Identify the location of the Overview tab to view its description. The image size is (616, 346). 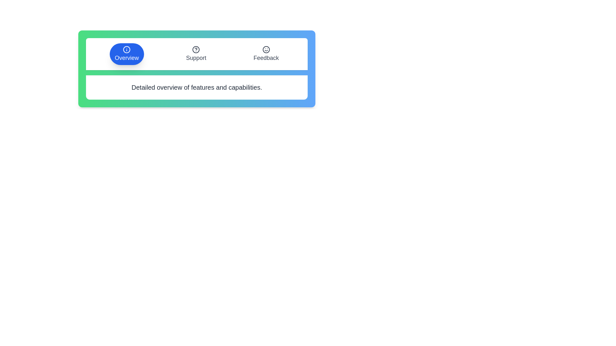
(126, 54).